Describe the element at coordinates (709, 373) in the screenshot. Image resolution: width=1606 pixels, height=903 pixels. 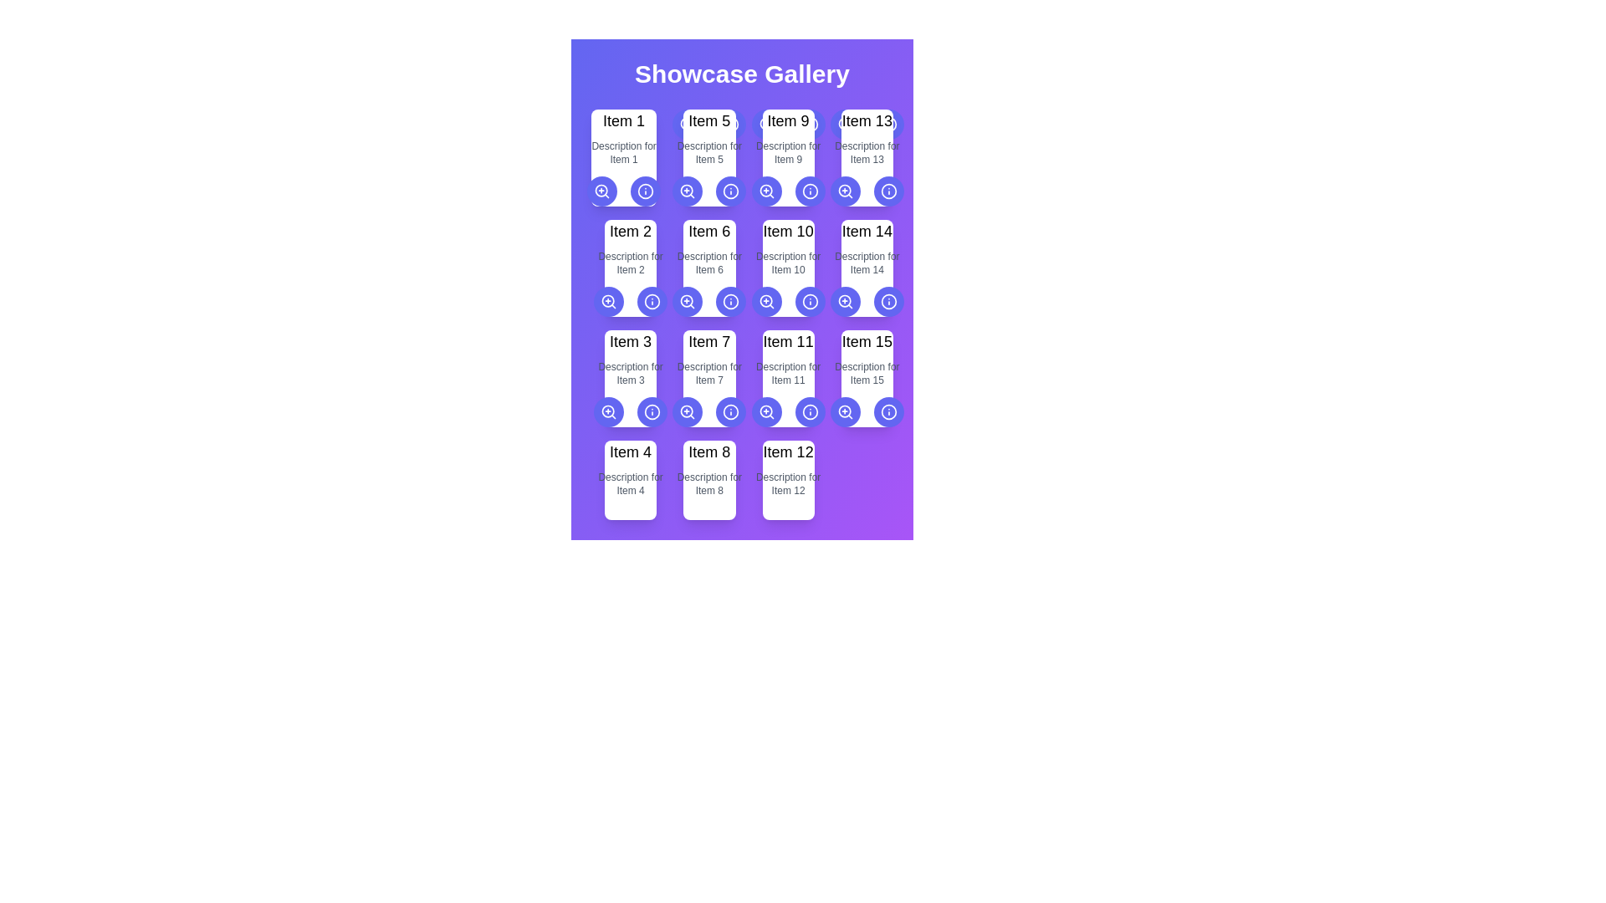
I see `the text label that reads 'Description for Item 7,' which is below the title 'Item 7' in the second row, third column of the grid layout` at that location.